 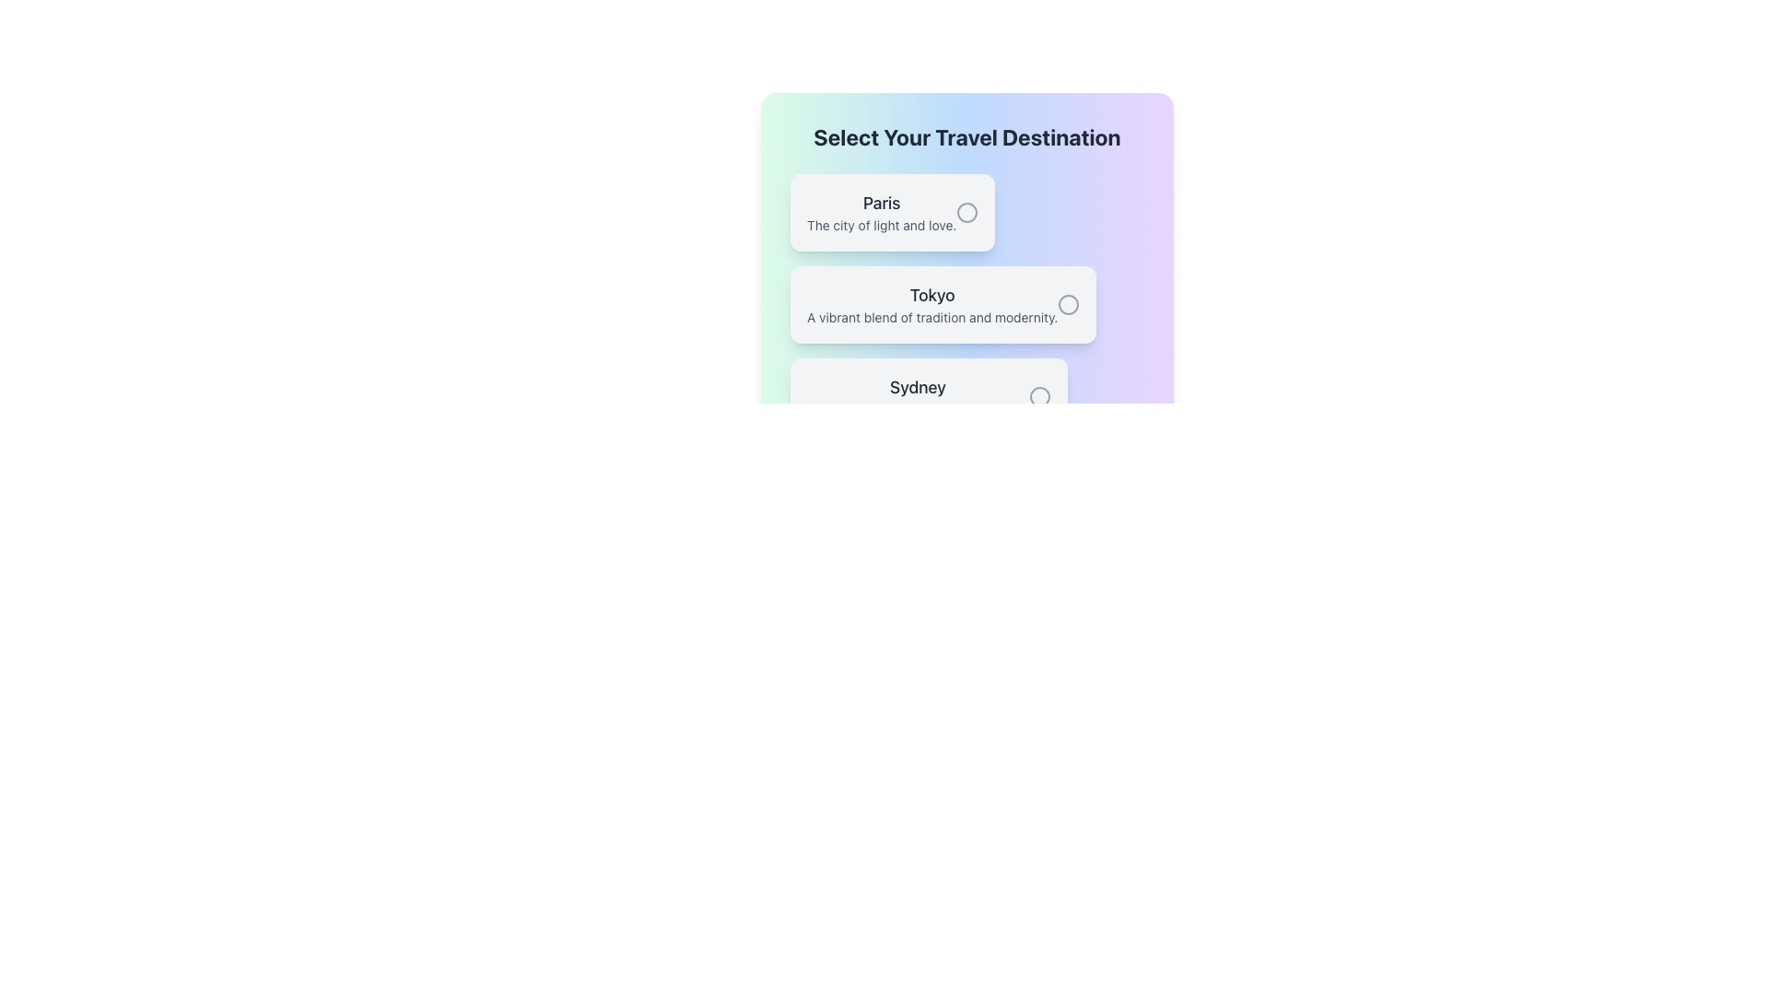 What do you see at coordinates (967, 279) in the screenshot?
I see `the interactive list item labeled 'Select Your Travel Destination' which is centrally` at bounding box center [967, 279].